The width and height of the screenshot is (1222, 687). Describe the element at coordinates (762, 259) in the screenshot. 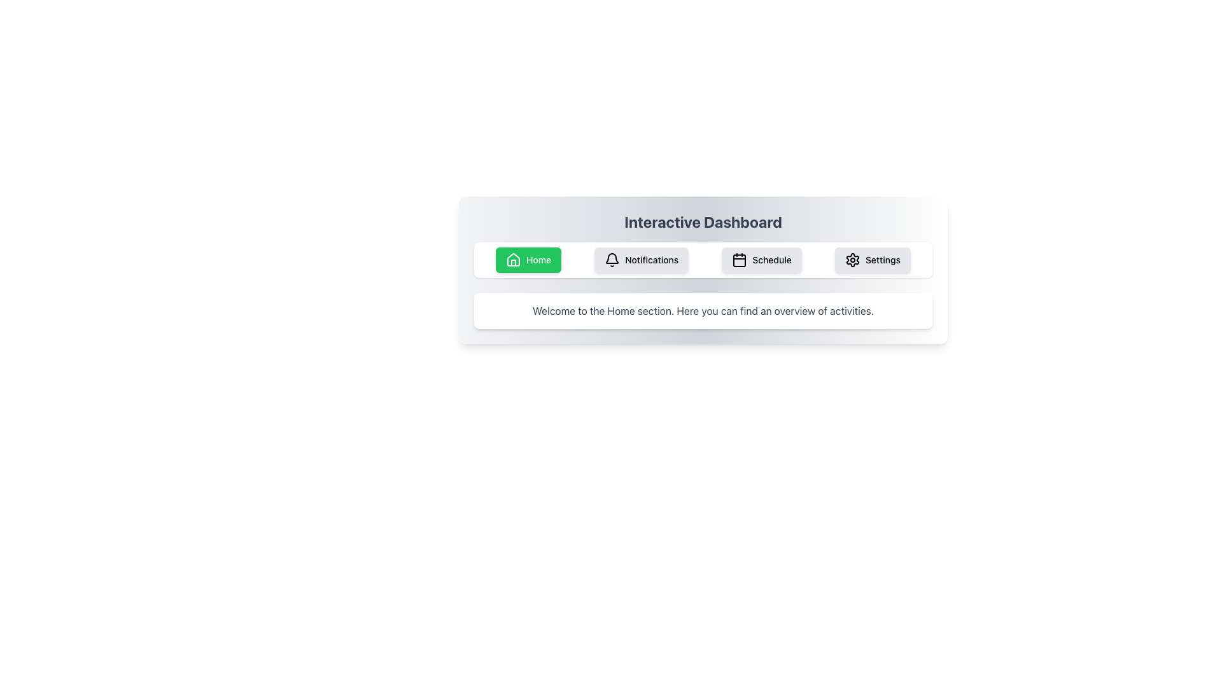

I see `the 'Schedule' button which is the third button in the horizontal navigation bar, featuring a calendar icon and text, to change its appearance` at that location.